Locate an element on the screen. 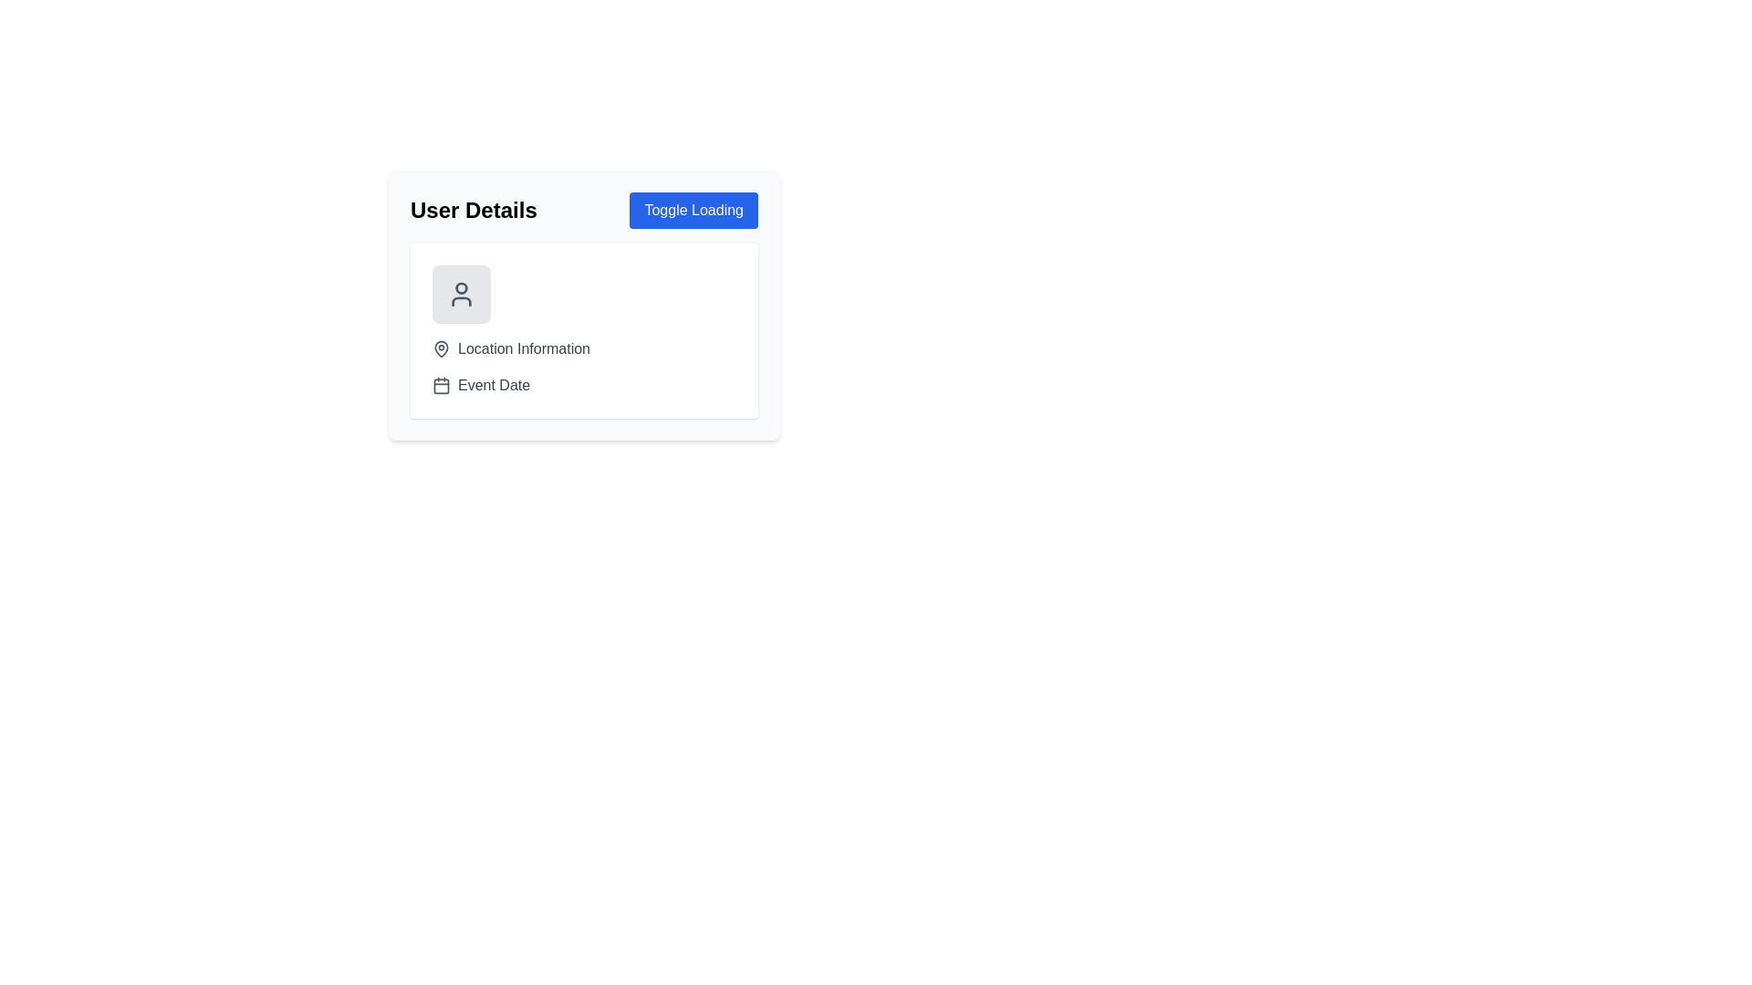  the location icon that represents mapping or geolocation, situated to the left of the text 'Location Information' is located at coordinates (442, 348).